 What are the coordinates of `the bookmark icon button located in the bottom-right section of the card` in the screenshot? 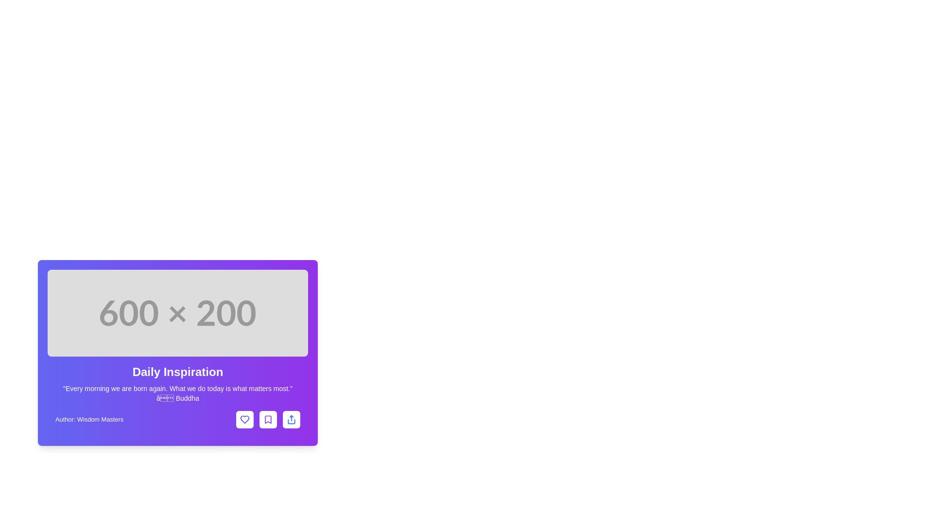 It's located at (268, 419).